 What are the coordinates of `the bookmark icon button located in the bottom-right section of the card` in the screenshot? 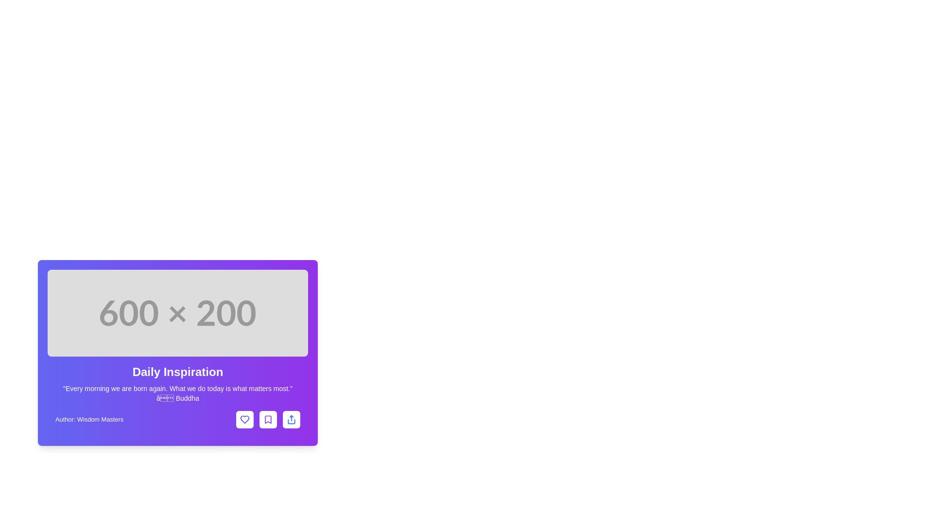 It's located at (268, 419).